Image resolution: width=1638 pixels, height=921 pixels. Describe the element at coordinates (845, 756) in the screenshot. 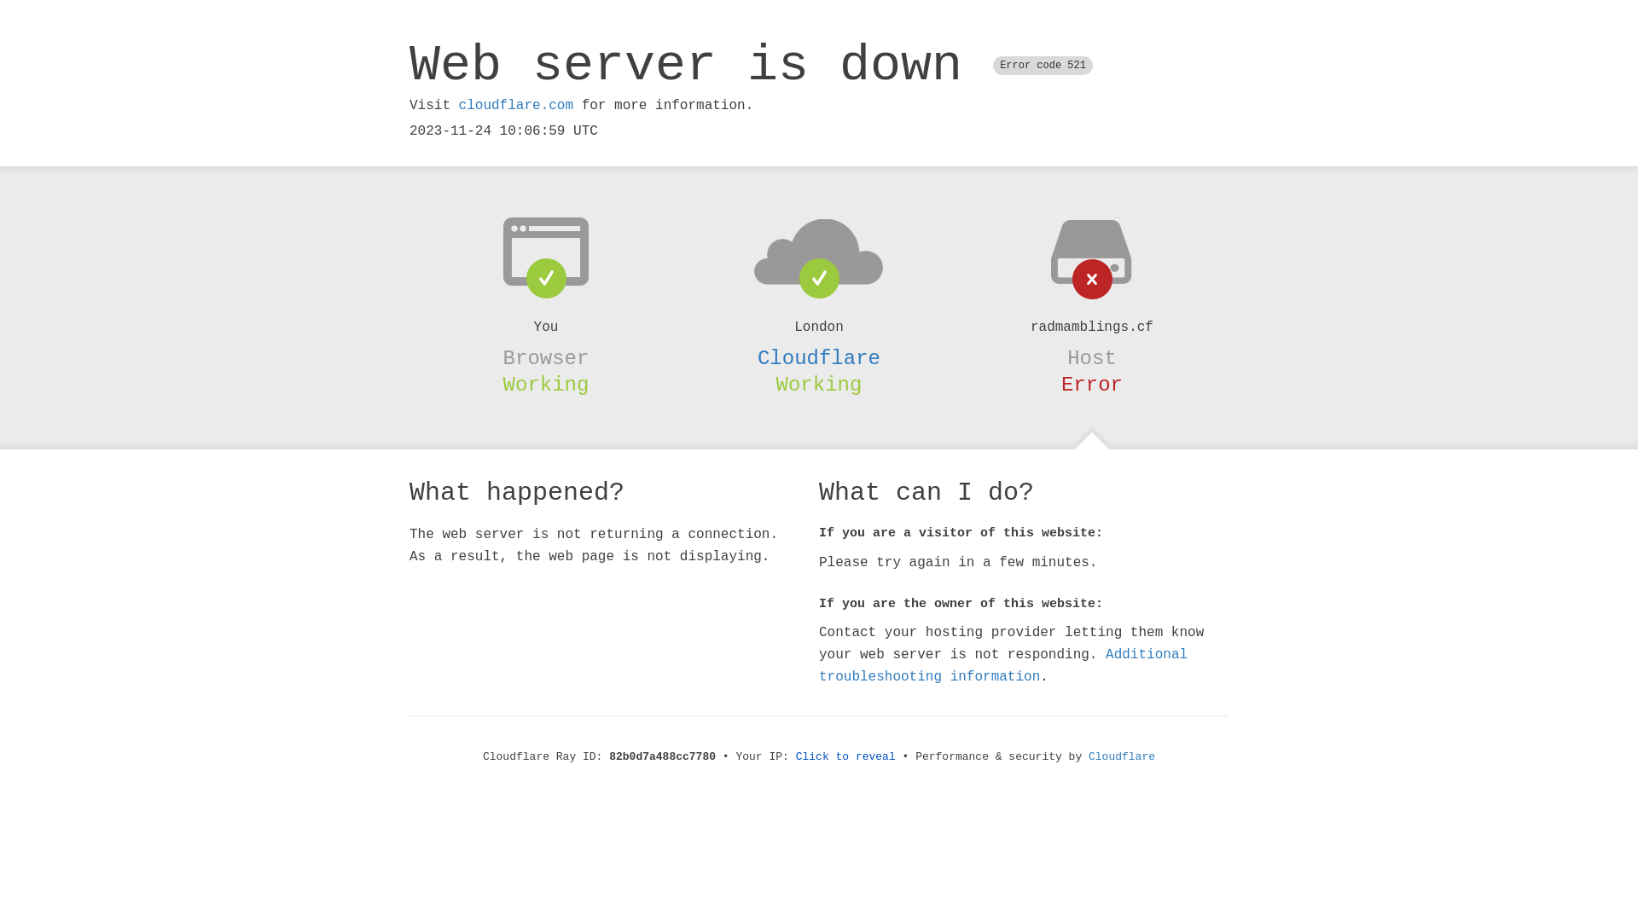

I see `'Click to reveal'` at that location.